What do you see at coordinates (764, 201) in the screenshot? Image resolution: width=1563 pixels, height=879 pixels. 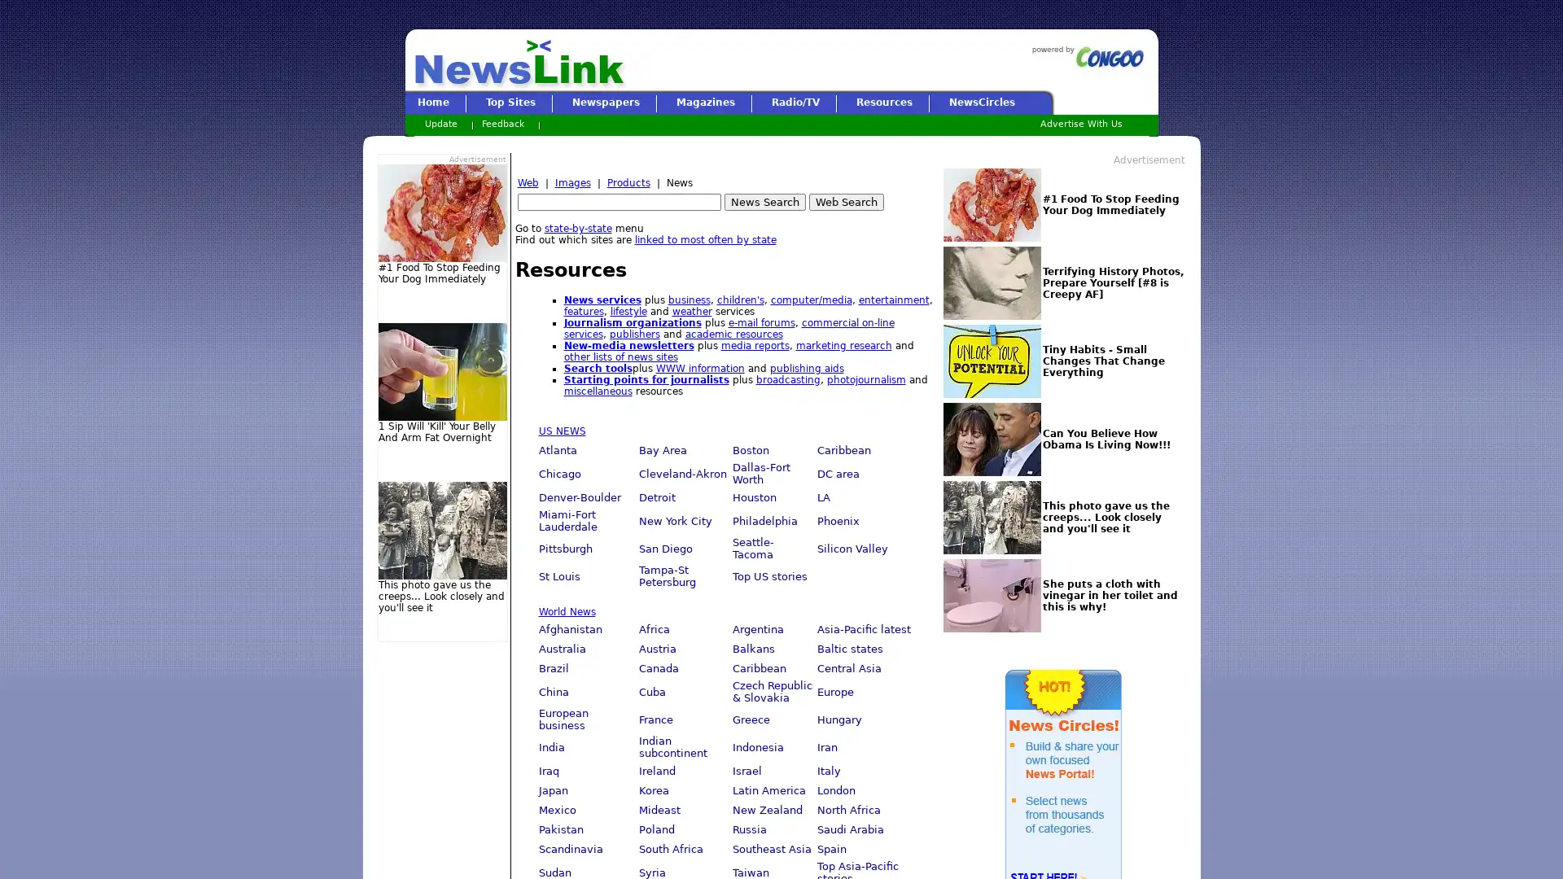 I see `News Search` at bounding box center [764, 201].